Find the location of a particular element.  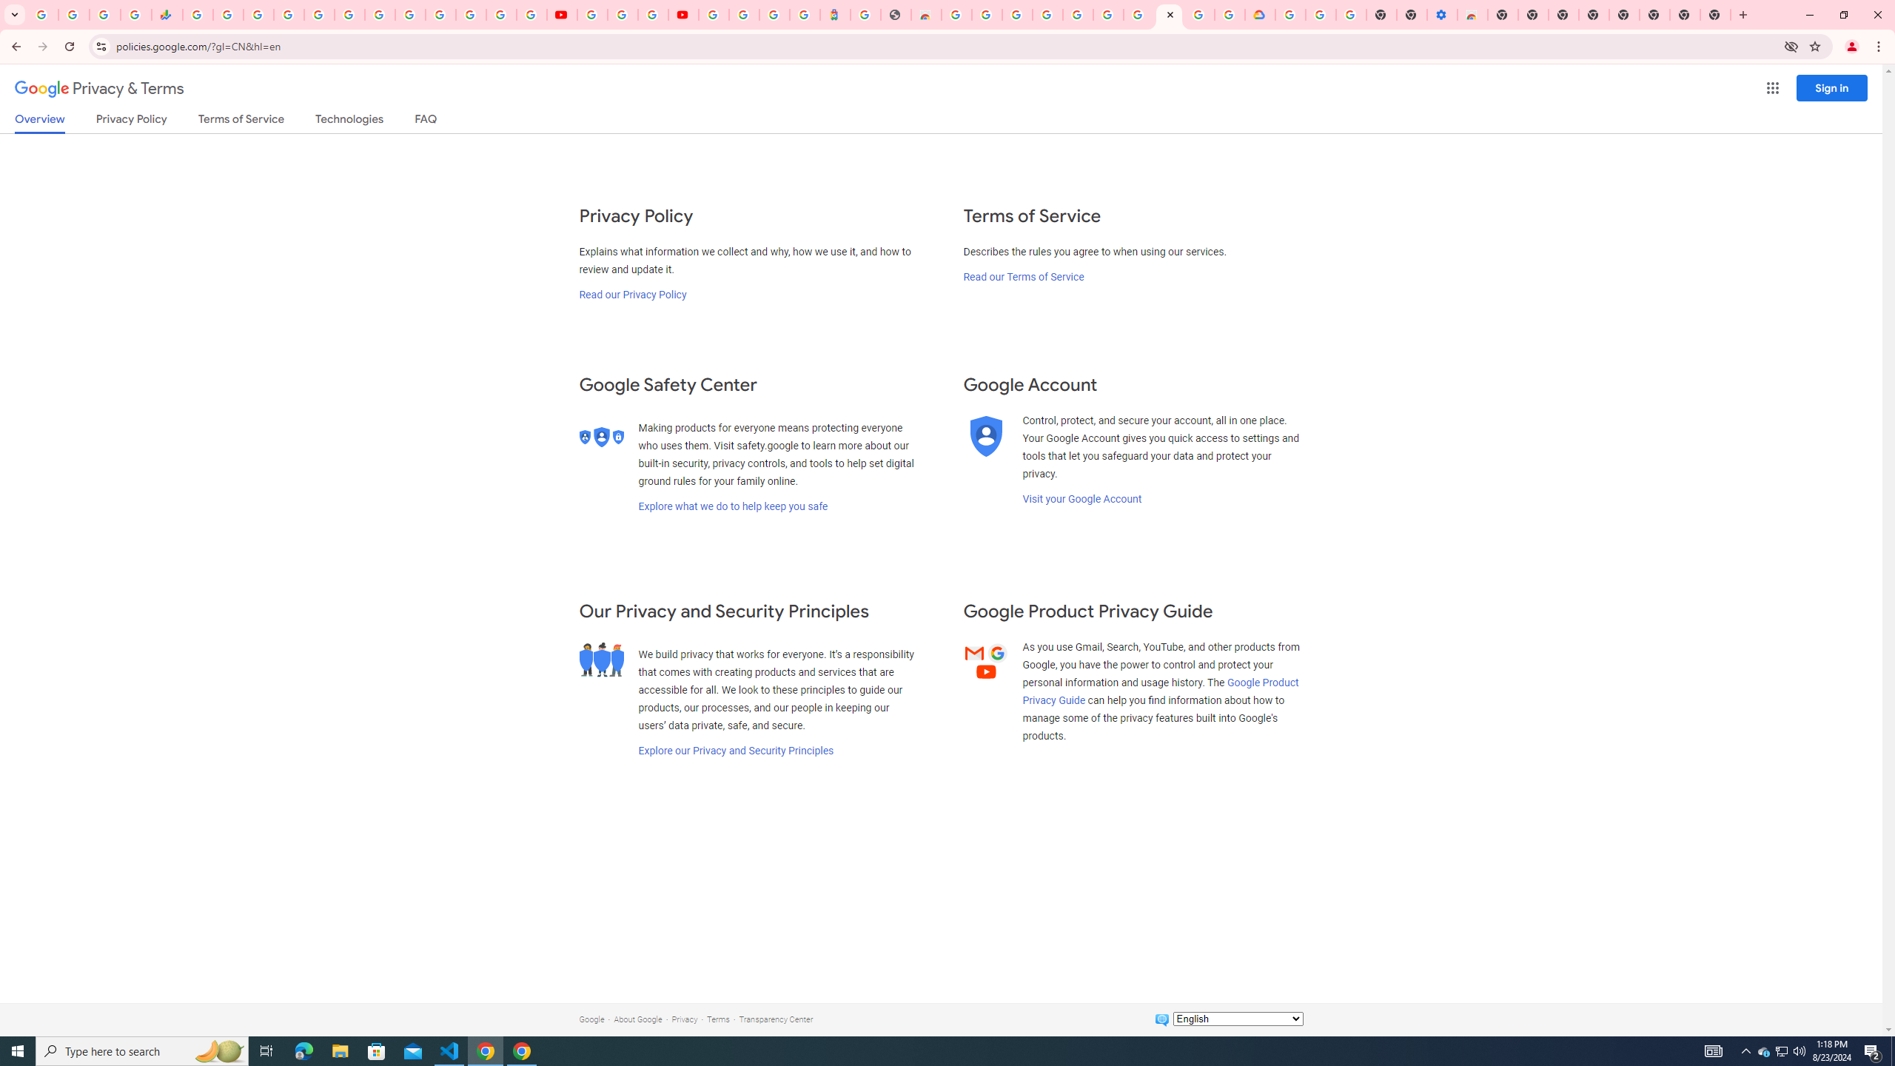

'Explore our Privacy and Security Principles' is located at coordinates (736, 749).